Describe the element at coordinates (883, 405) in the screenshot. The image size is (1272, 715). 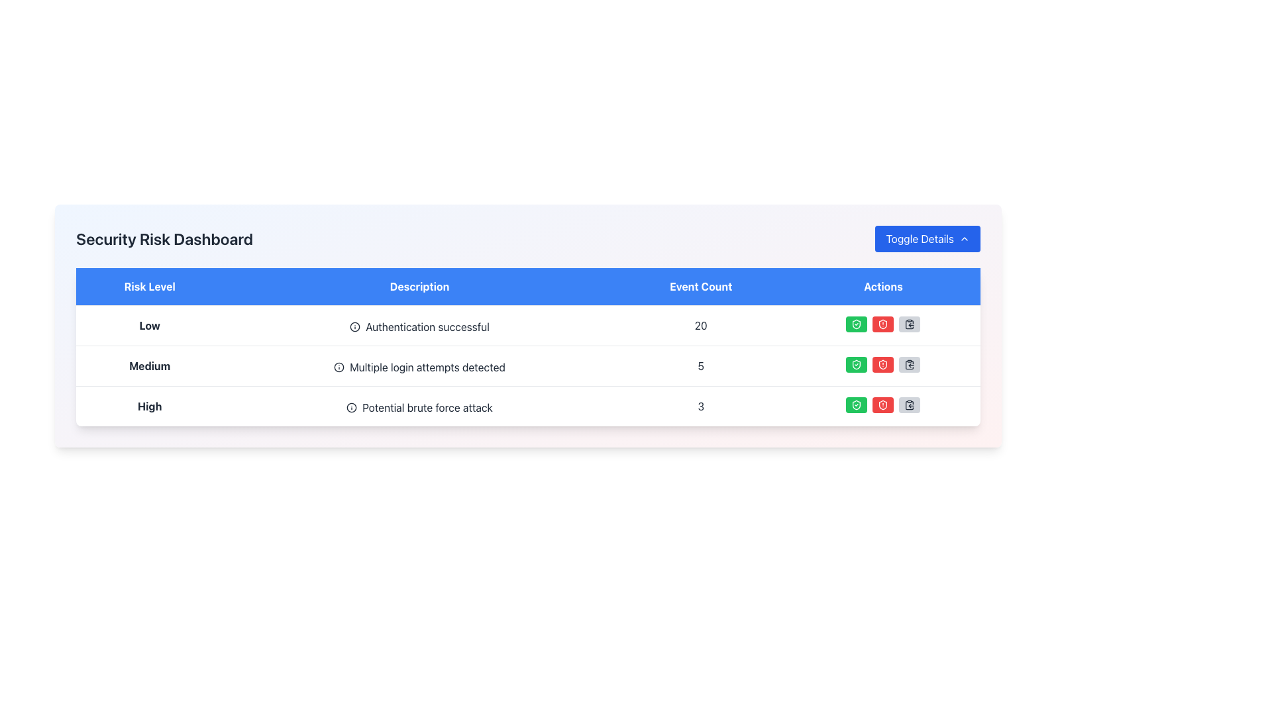
I see `the red button in the Button Group located in the 'Actions' column of the table for 'High' risk level to reject` at that location.